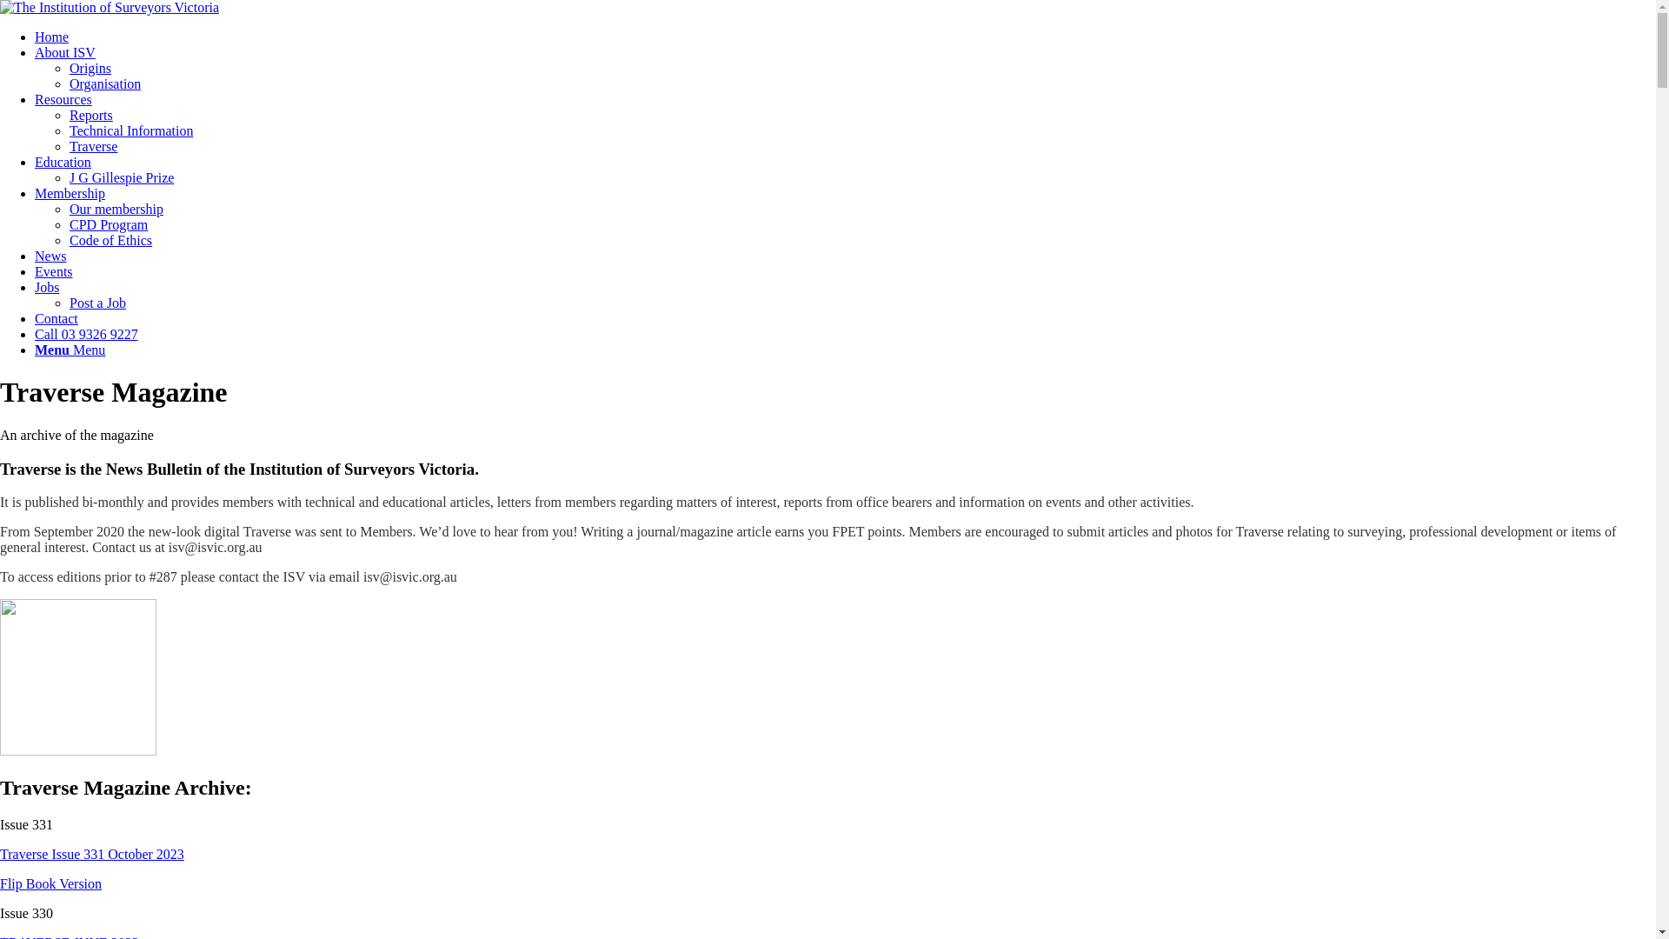 This screenshot has height=939, width=1669. What do you see at coordinates (70, 350) in the screenshot?
I see `'Menu Menu'` at bounding box center [70, 350].